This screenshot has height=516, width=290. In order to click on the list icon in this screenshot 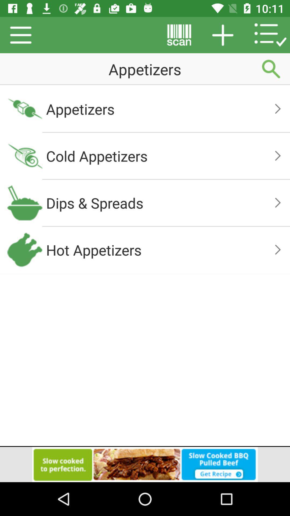, I will do `click(270, 35)`.